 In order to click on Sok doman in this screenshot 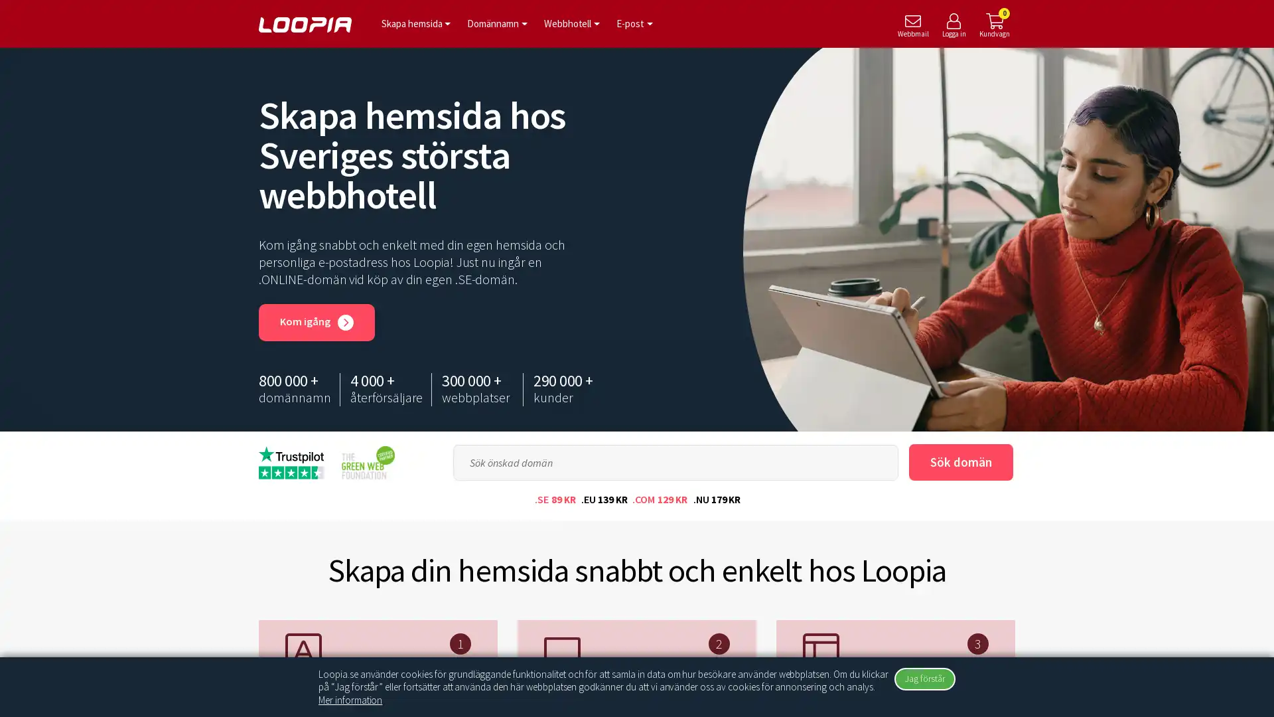, I will do `click(961, 461)`.